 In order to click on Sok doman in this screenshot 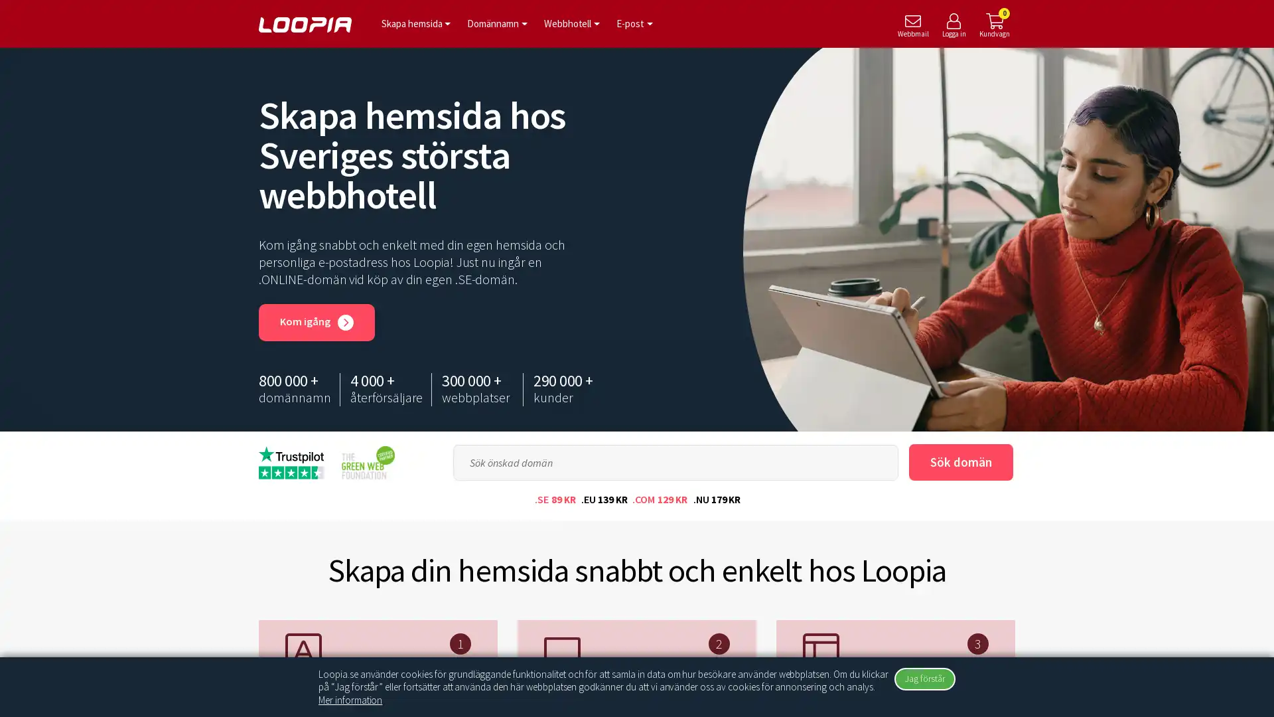, I will do `click(961, 461)`.